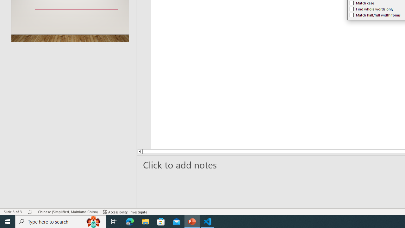 The height and width of the screenshot is (228, 405). What do you see at coordinates (93, 221) in the screenshot?
I see `'Search highlights icon opens search home window'` at bounding box center [93, 221].